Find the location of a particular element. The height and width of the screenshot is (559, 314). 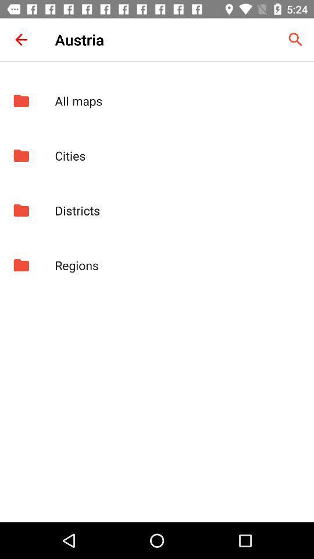

item to the left of the cities app is located at coordinates (21, 155).